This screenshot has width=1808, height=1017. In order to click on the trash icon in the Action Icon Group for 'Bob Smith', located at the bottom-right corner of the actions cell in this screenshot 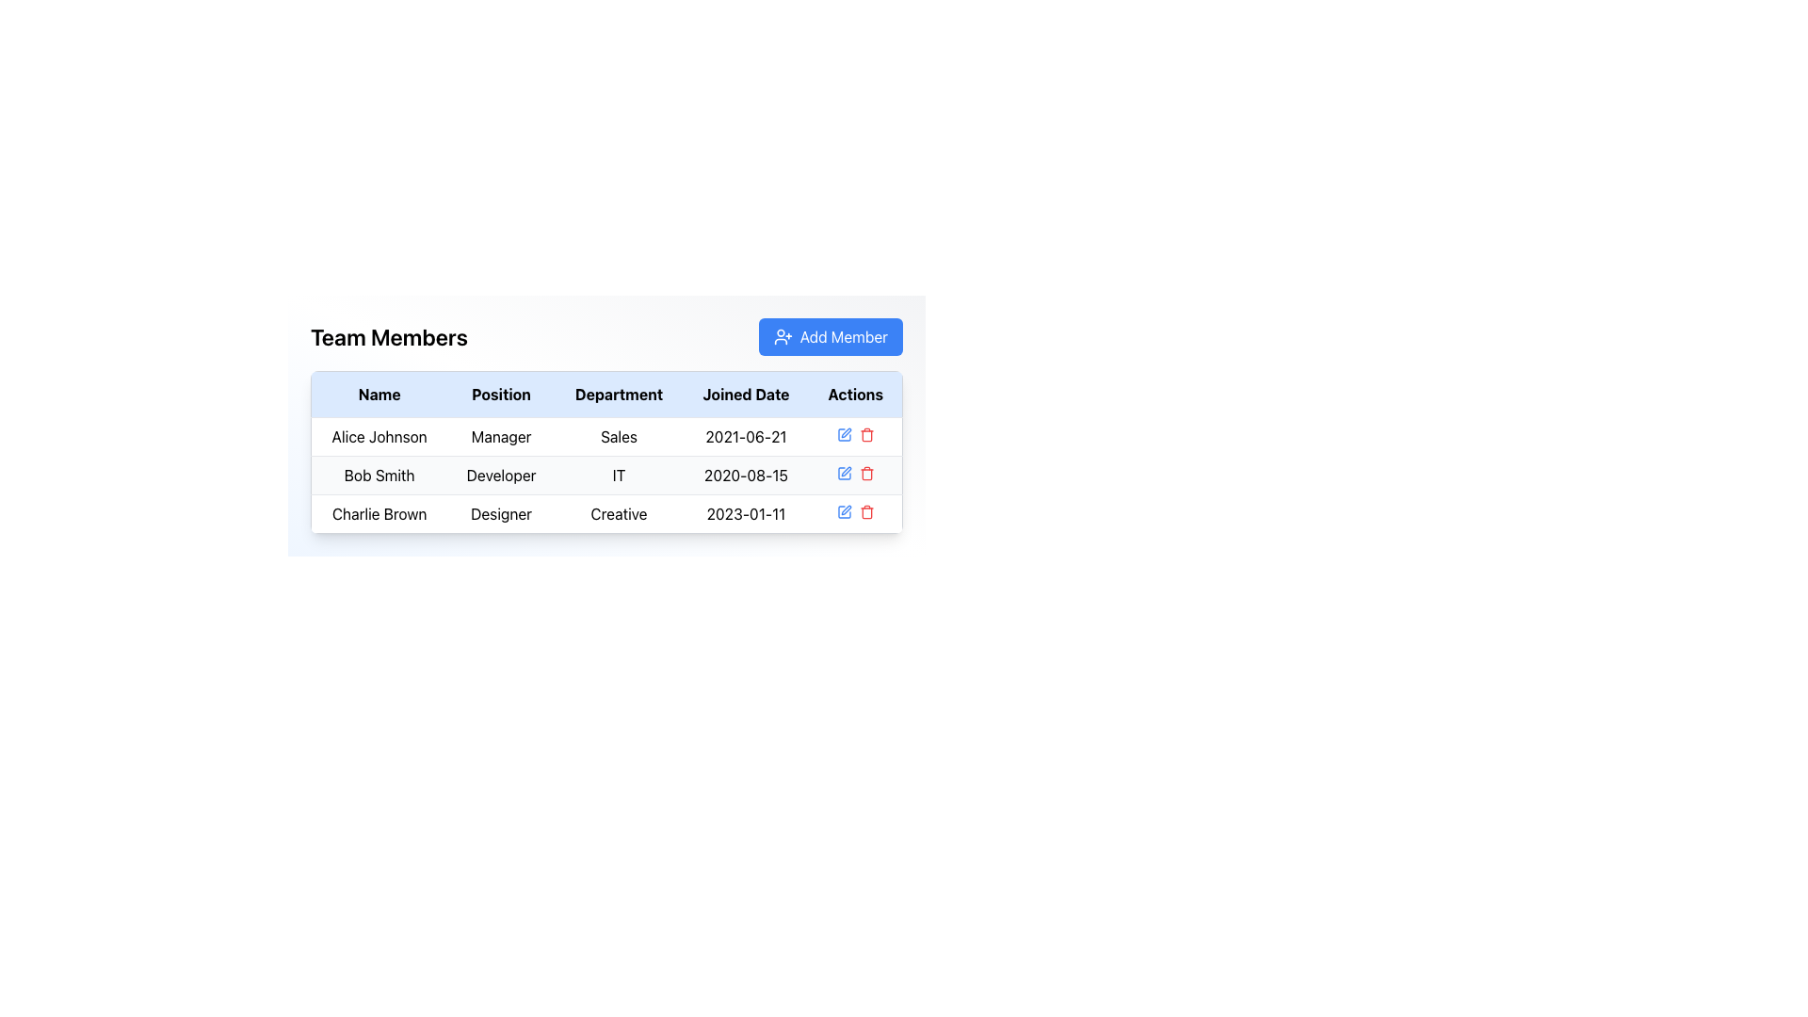, I will do `click(854, 475)`.